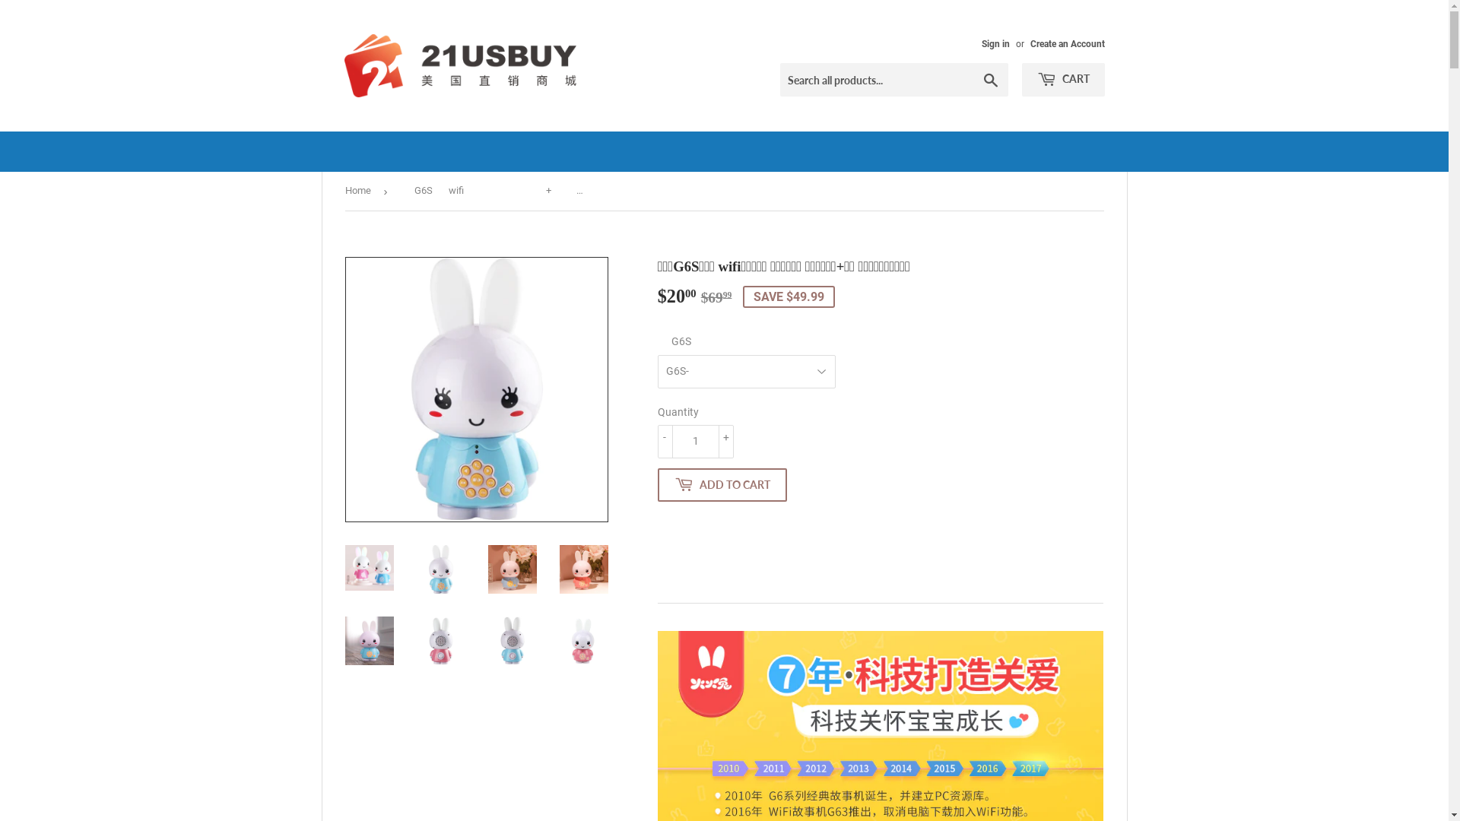  I want to click on 'Sign in', so click(995, 43).